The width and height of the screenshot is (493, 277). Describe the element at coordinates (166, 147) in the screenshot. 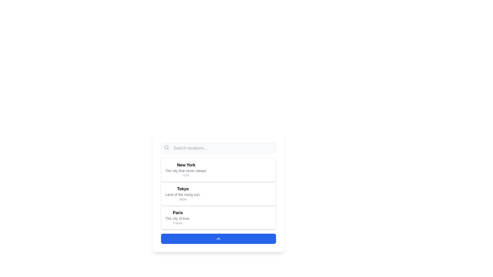

I see `the search icon element represented` at that location.